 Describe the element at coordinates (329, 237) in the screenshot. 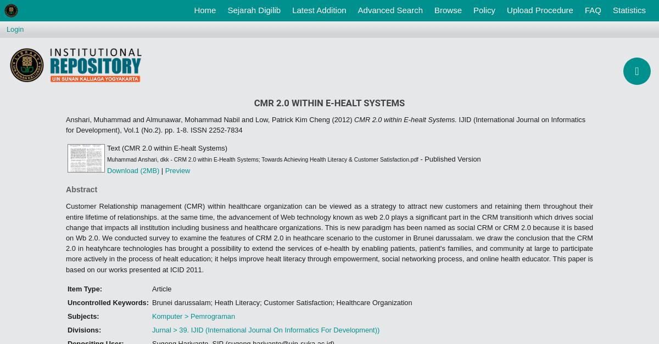

I see `'Customer Relationship management (CMR) within healthcare organization can be viewed as a strategy to attract new customers and retaining them throughout their entire lifetime of relationships. at the same time, the advancement of Web technology known as web 2.0 plays a significant part in the CRM transitionh which drives social change that impacts all institution including business and healthcare organizations. This is new paradigm has been named as social CRM or CRM 2.0 because it is based on Wb 2.0. We conducted survey to examine the features of CRM 2.0 in heathcare scenario to the customer in Brunei darussalam. we draw the conclusion that the CRM 2.0 in heatyhcare technologies has brought a possibility to extend the services of e-health by enabling patients, patient's families, and community at large to participate more actively in the process of healt education; it helps improve healt literacy through empowerment, social networking process, and online health educator. This paper is based on our works presented at ICID 2011.'` at that location.